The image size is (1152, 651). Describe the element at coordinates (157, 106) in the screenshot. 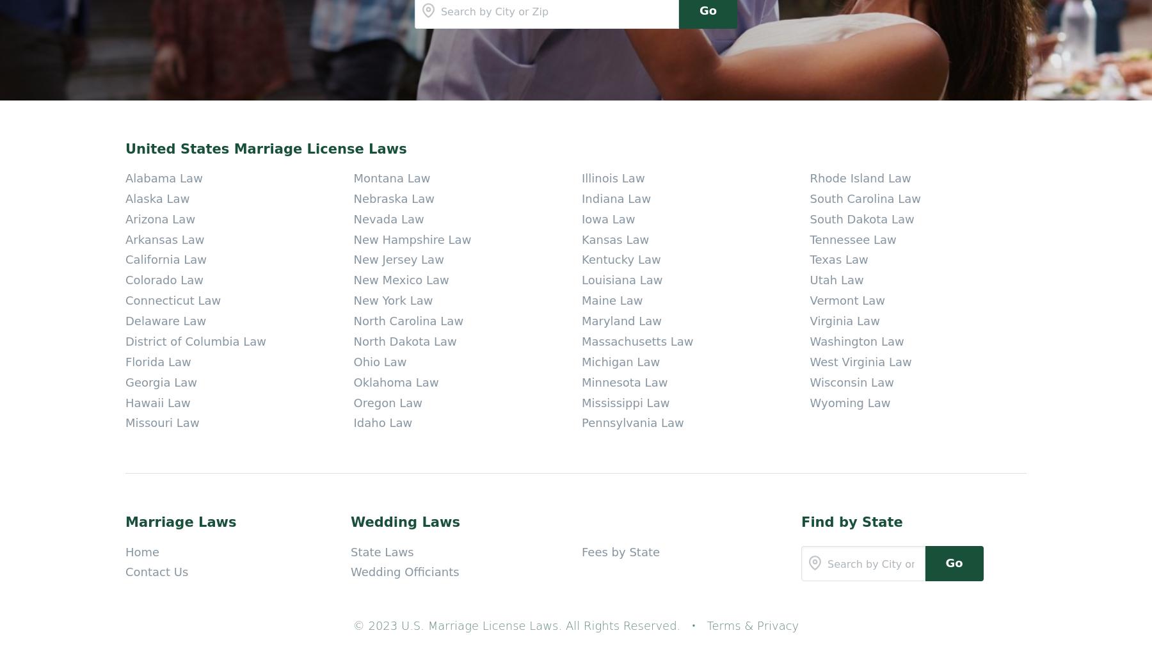

I see `'Hawaii Law'` at that location.